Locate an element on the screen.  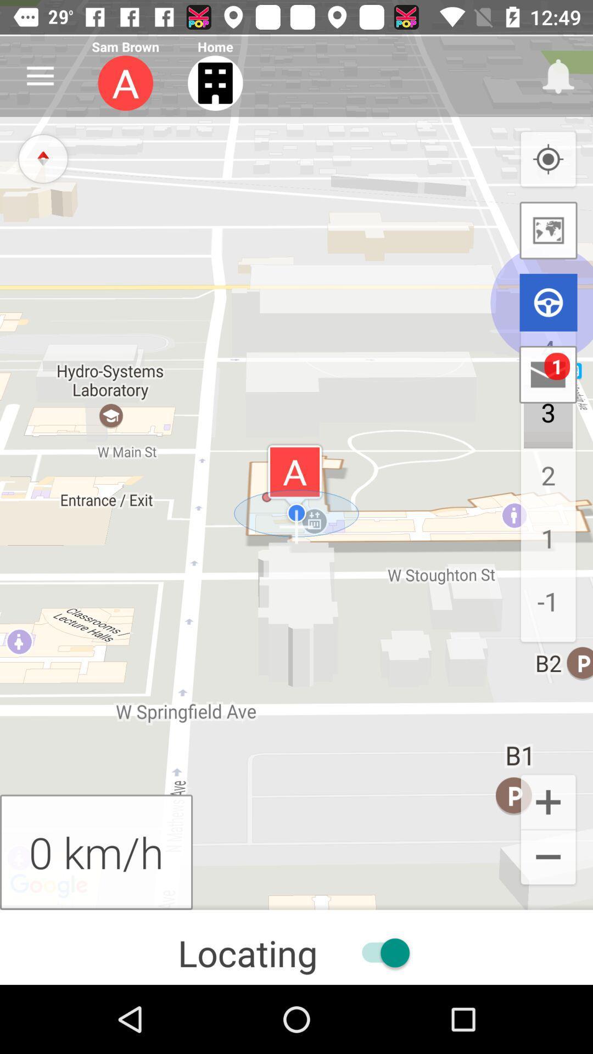
the location_crosshair icon is located at coordinates (548, 159).